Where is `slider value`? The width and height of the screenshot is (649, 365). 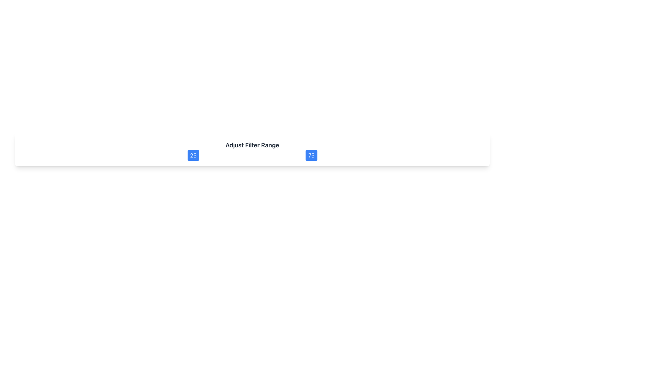 slider value is located at coordinates (269, 159).